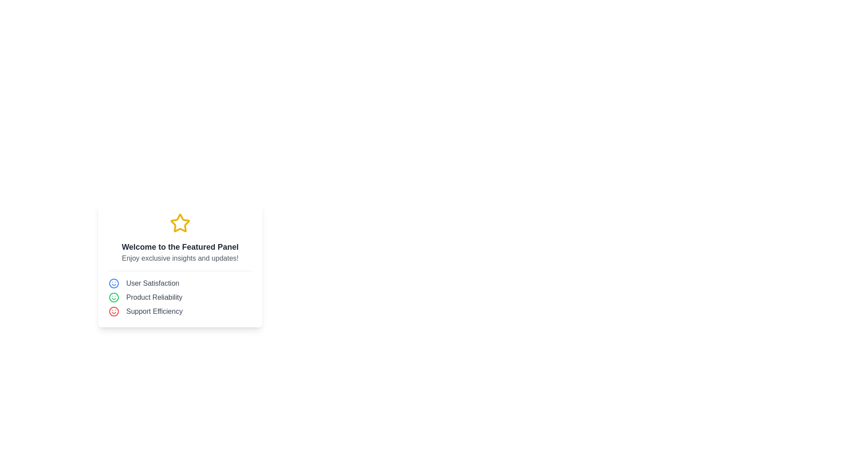 This screenshot has height=474, width=842. What do you see at coordinates (113, 283) in the screenshot?
I see `the blue smiley face icon indicating user satisfaction, which is positioned to the left of the 'User Satisfaction' text` at bounding box center [113, 283].